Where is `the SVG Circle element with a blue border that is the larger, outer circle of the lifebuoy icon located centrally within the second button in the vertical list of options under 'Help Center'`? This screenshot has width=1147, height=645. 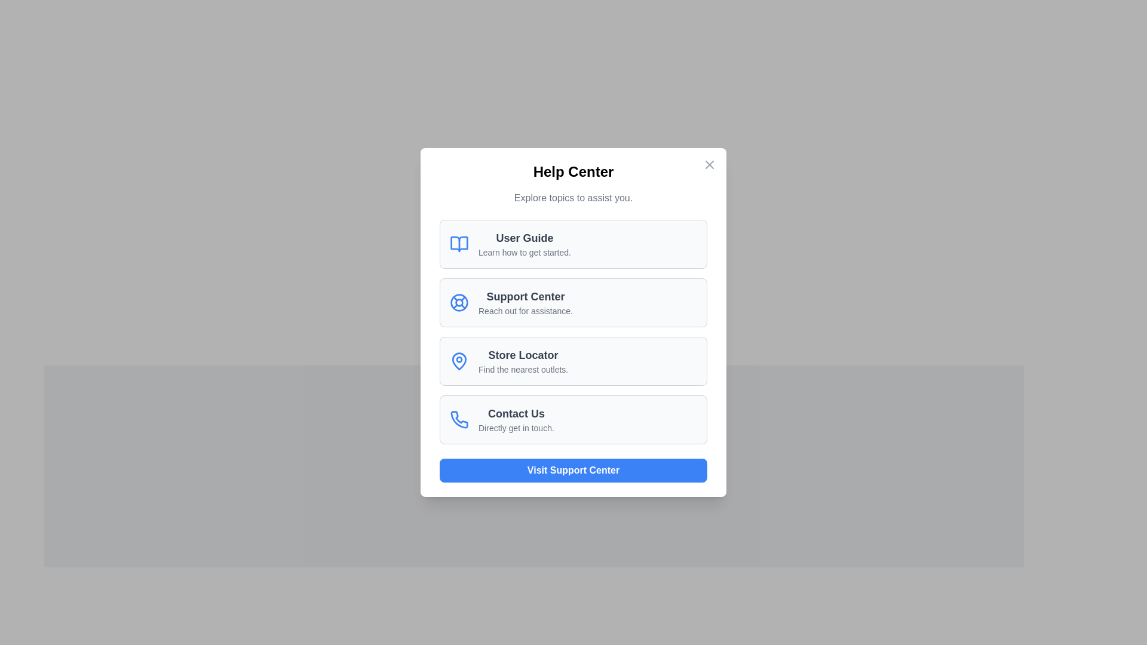 the SVG Circle element with a blue border that is the larger, outer circle of the lifebuoy icon located centrally within the second button in the vertical list of options under 'Help Center' is located at coordinates (458, 301).